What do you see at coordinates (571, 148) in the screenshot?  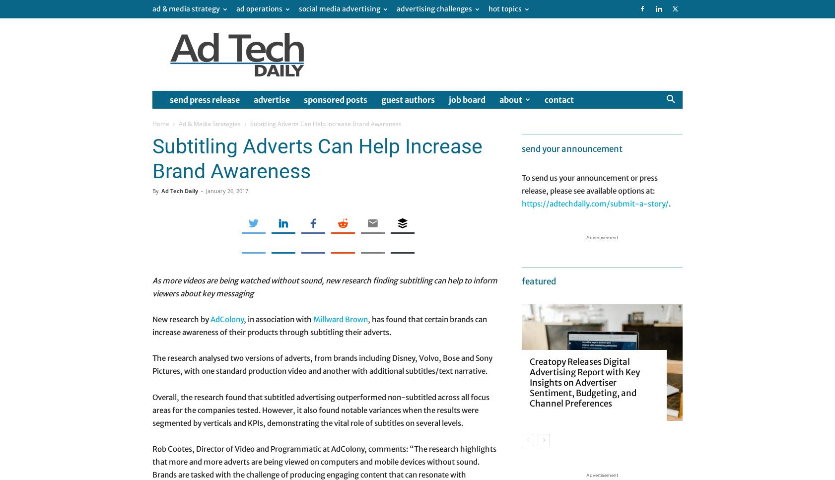 I see `'Send your announcement'` at bounding box center [571, 148].